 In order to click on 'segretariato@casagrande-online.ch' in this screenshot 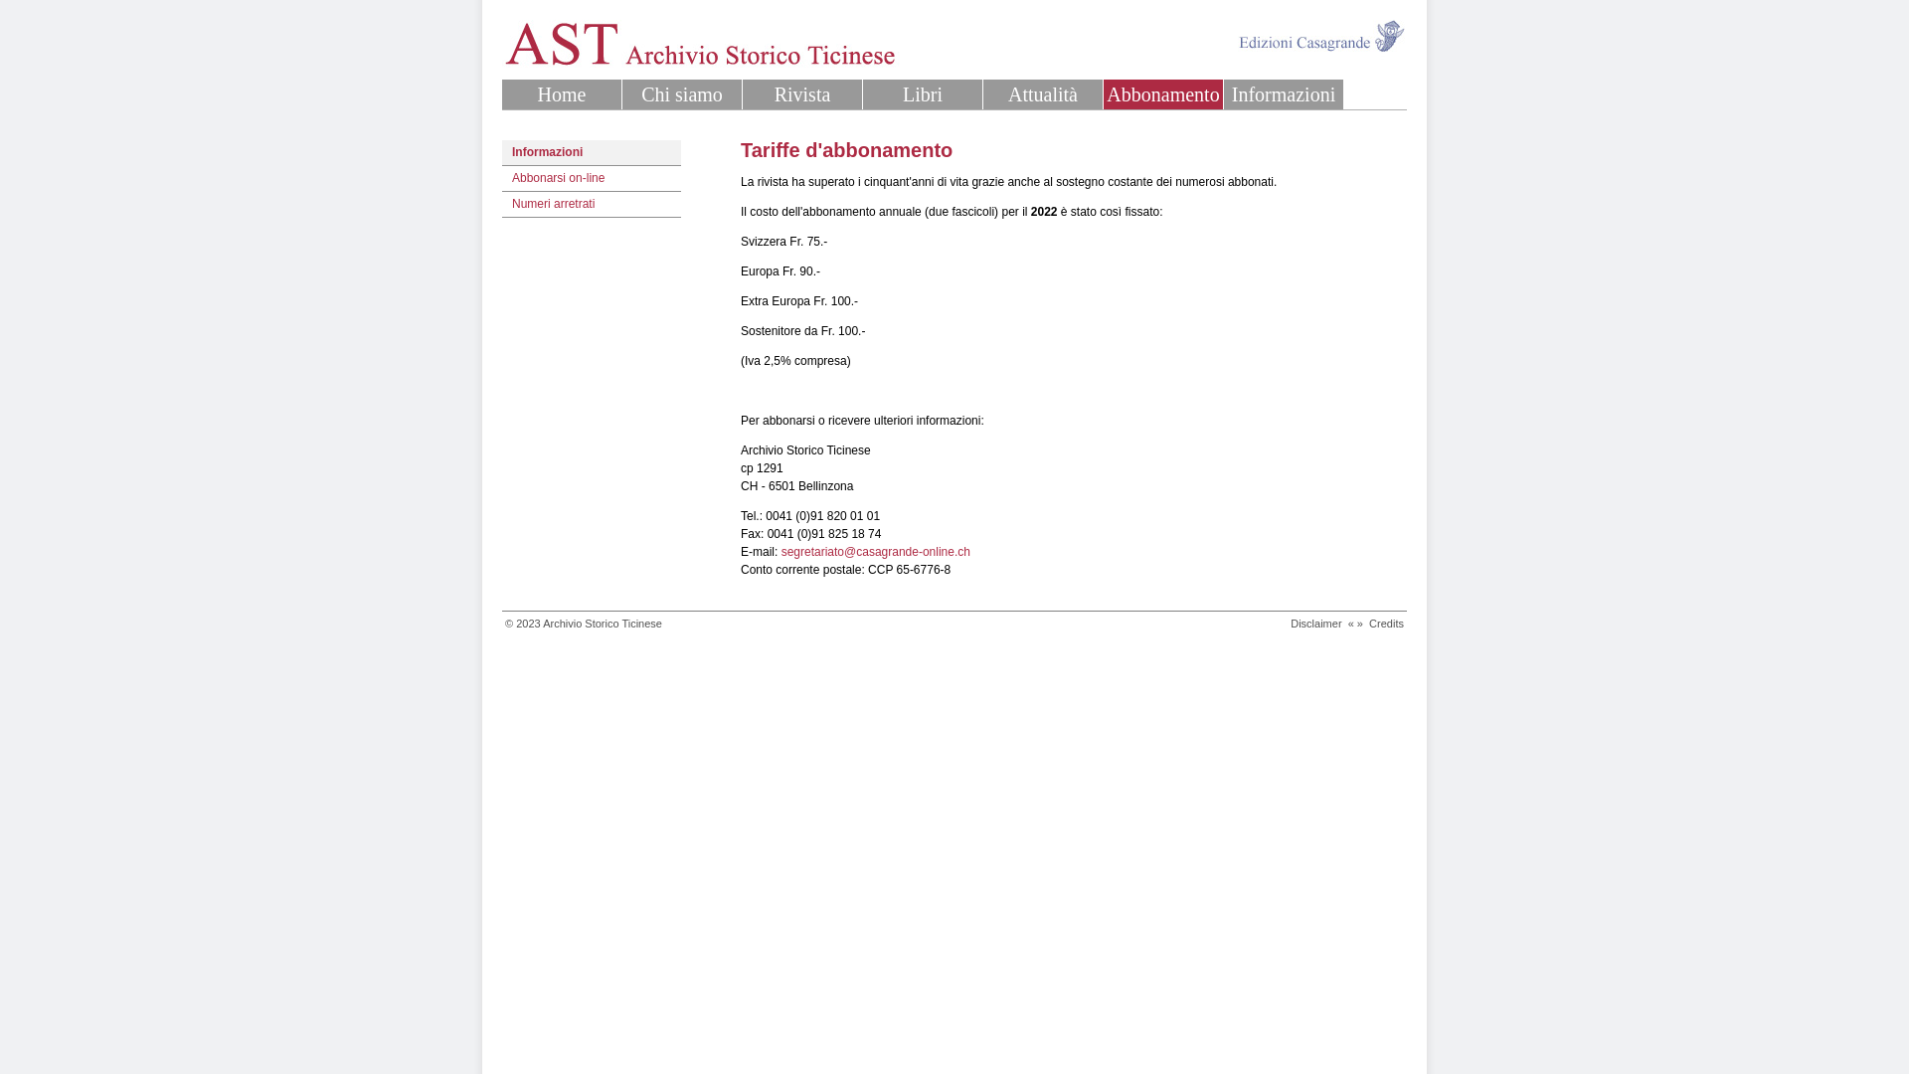, I will do `click(875, 552)`.